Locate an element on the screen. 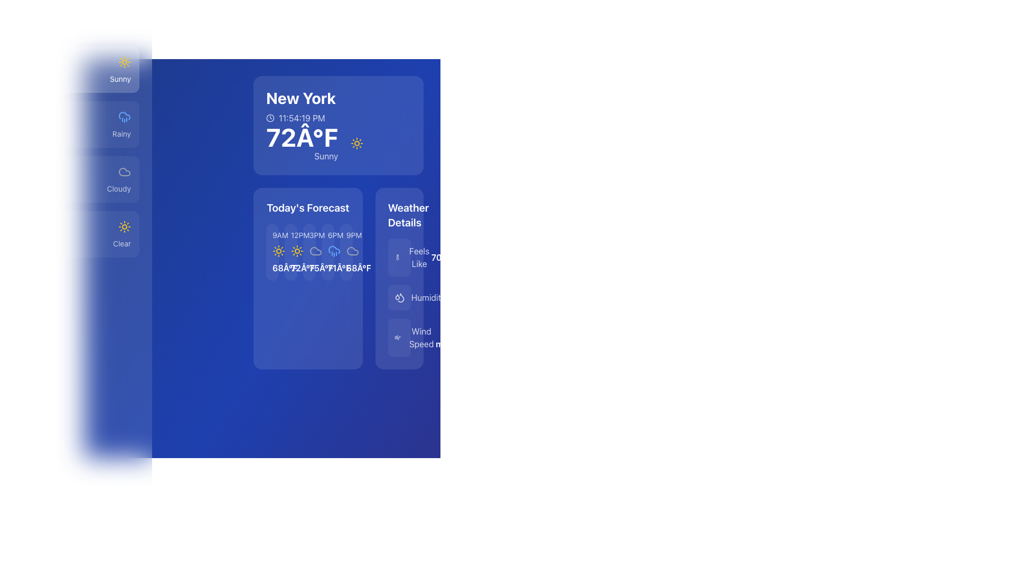 Image resolution: width=1014 pixels, height=570 pixels. the weather information displayed in the Forecast Card that shows '9PM', a cloud icon, and '68°F', located in the last column of the five-column grid layout under 'Today's Forecast' is located at coordinates (346, 252).